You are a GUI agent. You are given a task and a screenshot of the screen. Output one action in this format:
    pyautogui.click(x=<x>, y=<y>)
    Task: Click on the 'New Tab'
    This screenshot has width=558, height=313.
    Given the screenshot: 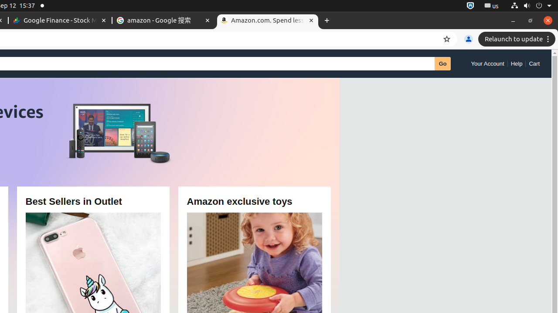 What is the action you would take?
    pyautogui.click(x=326, y=20)
    